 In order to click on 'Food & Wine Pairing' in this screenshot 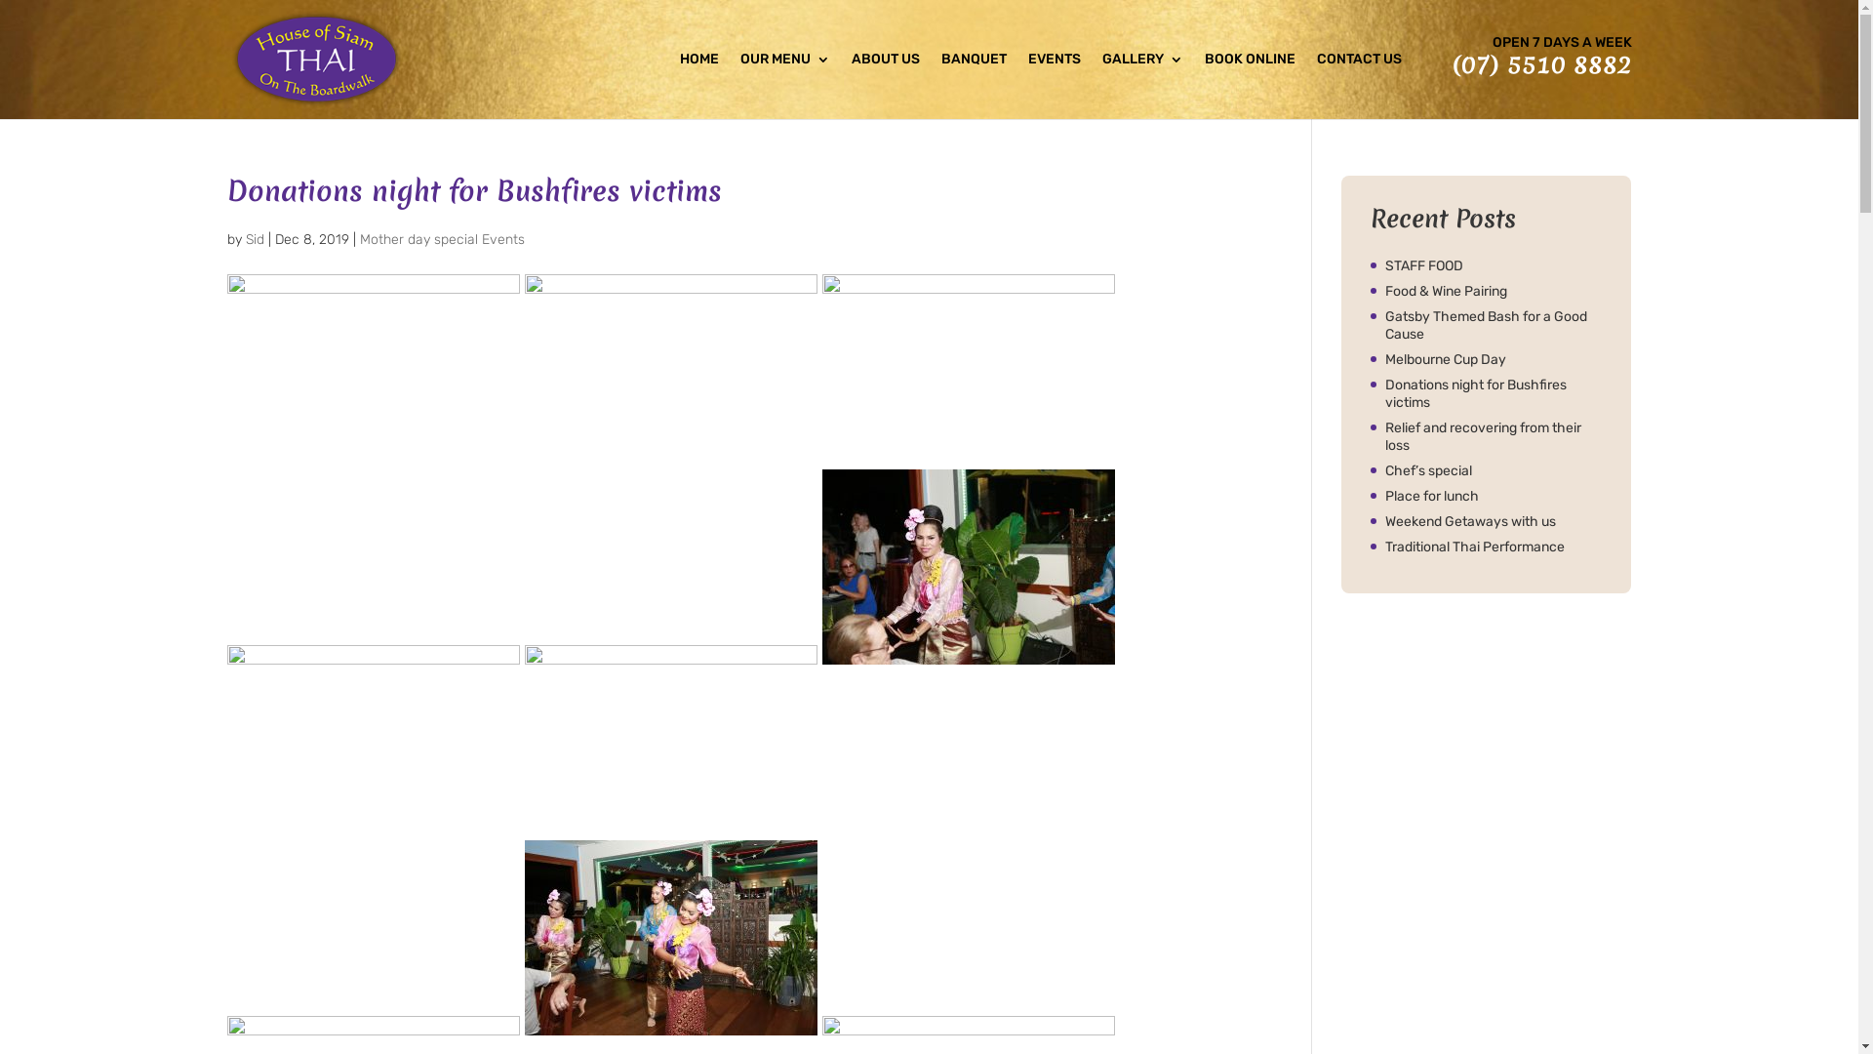, I will do `click(1493, 292)`.